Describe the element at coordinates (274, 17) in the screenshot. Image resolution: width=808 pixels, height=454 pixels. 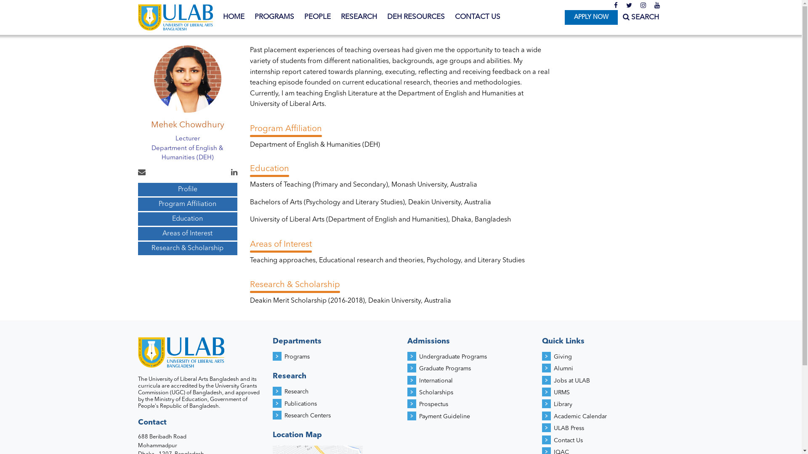
I see `'PROGRAMS'` at that location.